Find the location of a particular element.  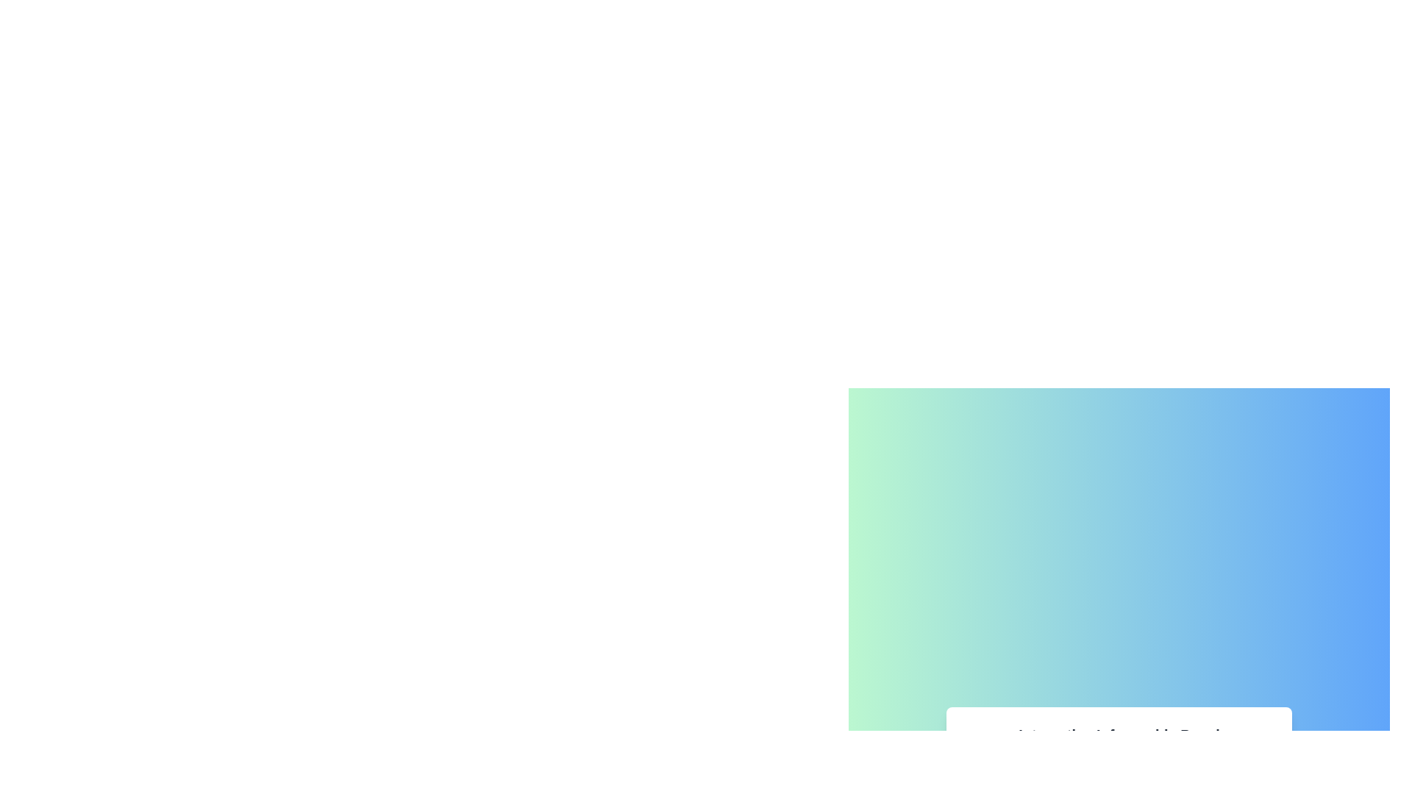

the Circle (Vector Graphics Component) which serves a decorative or informational purpose in the SVG graphic positioned at the bottom-right of the viewport is located at coordinates (1184, 765).